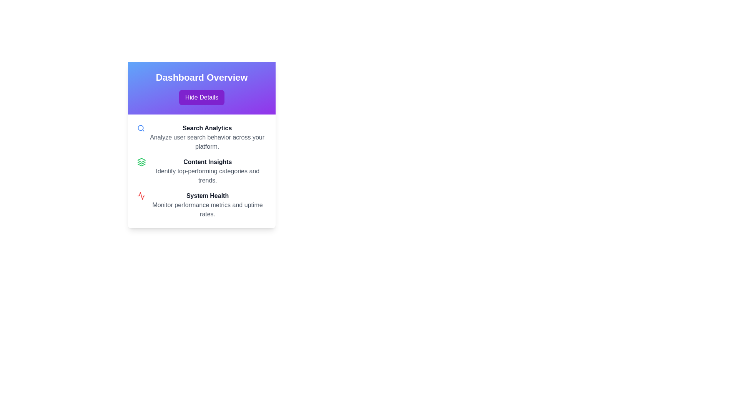  What do you see at coordinates (207, 142) in the screenshot?
I see `the text element displaying 'Analyze user search behavior across your platform.' which is styled in gray font and located below the title 'Search Analytics'` at bounding box center [207, 142].